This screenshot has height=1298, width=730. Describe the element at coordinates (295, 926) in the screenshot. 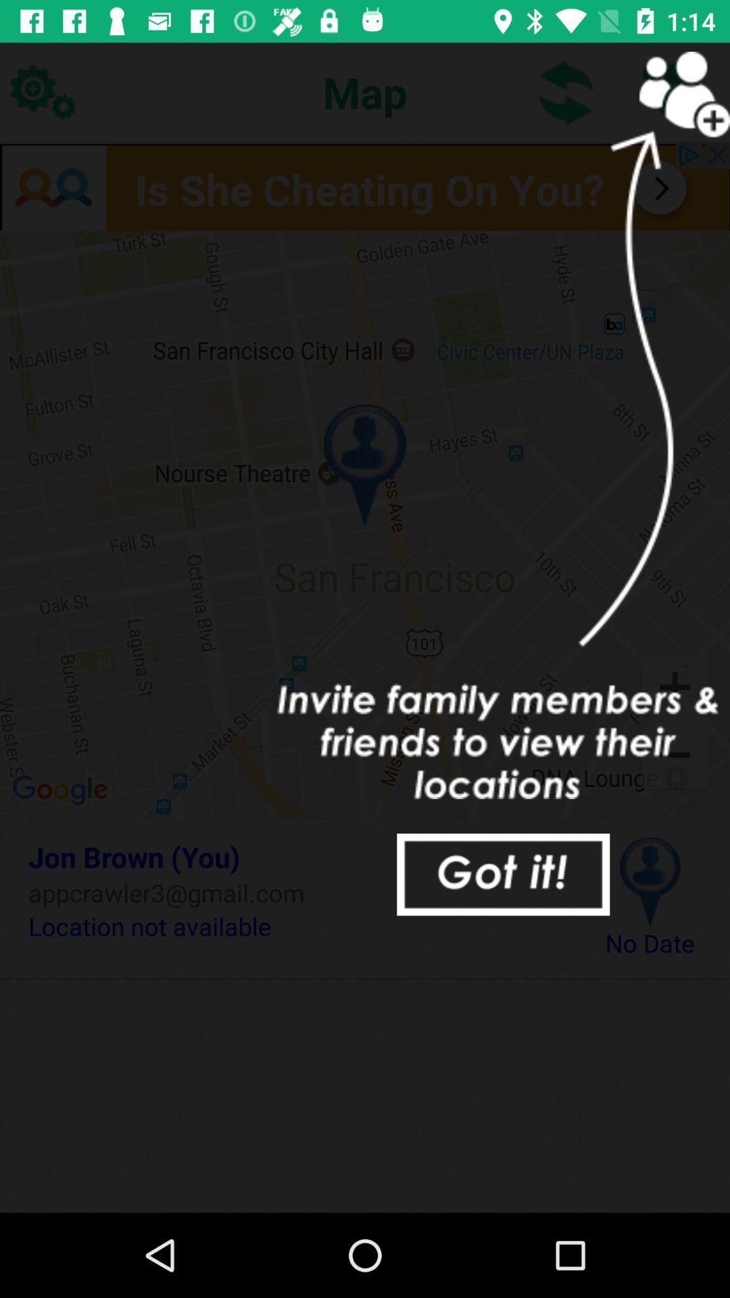

I see `location not available item` at that location.